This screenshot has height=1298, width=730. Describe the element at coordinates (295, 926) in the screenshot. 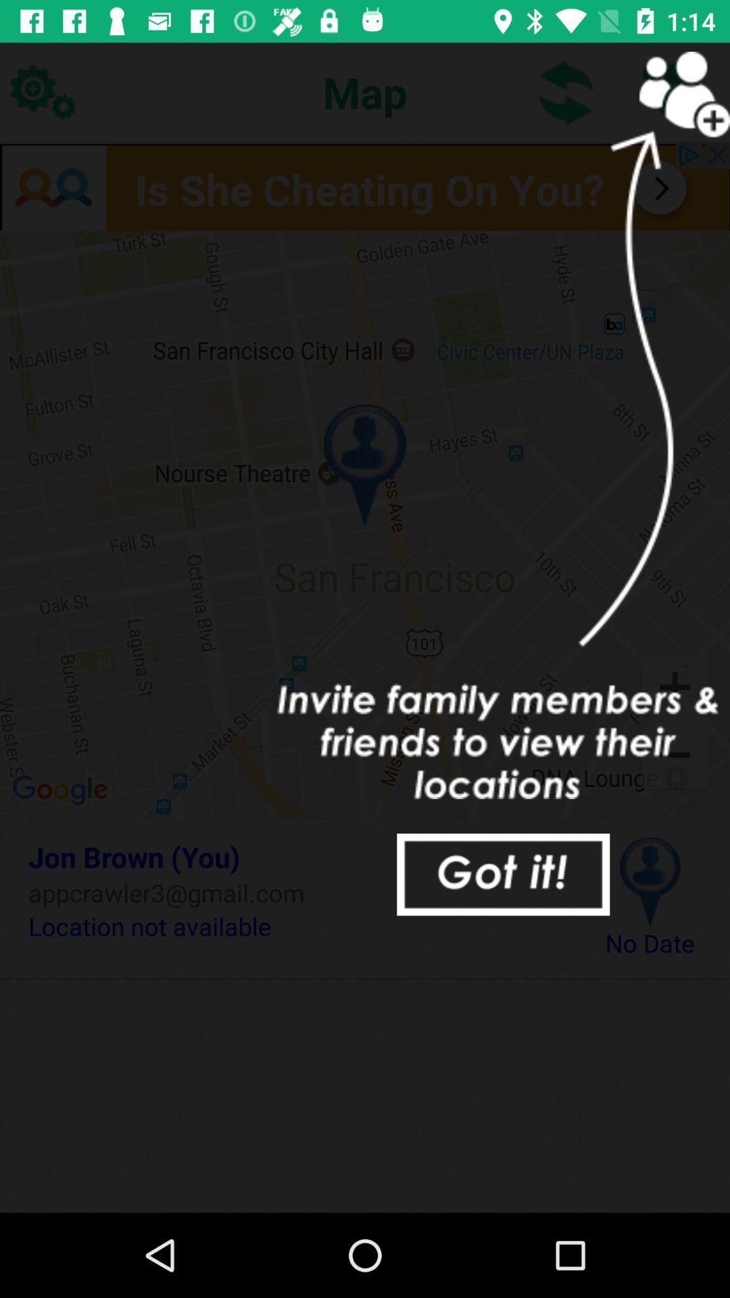

I see `location not available item` at that location.